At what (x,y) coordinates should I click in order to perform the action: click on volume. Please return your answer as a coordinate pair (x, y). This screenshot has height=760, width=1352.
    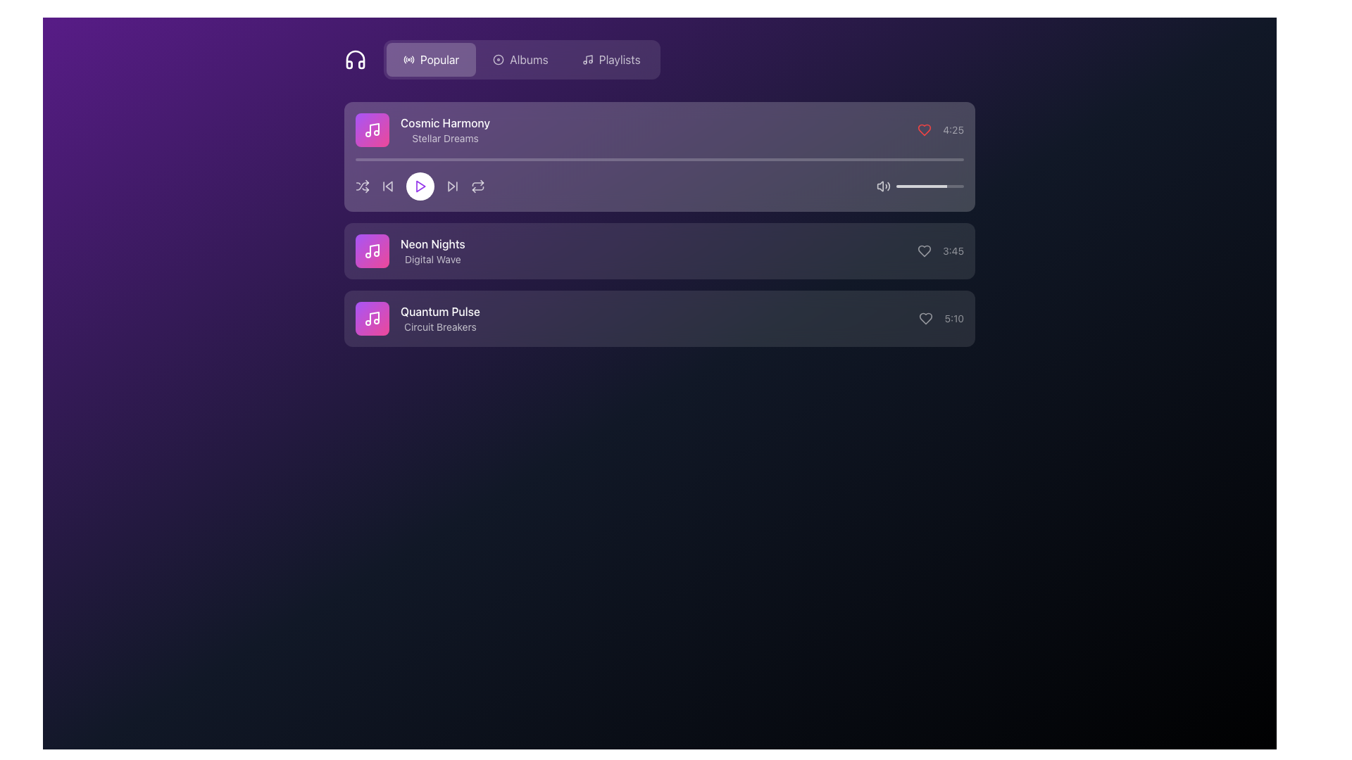
    Looking at the image, I should click on (915, 186).